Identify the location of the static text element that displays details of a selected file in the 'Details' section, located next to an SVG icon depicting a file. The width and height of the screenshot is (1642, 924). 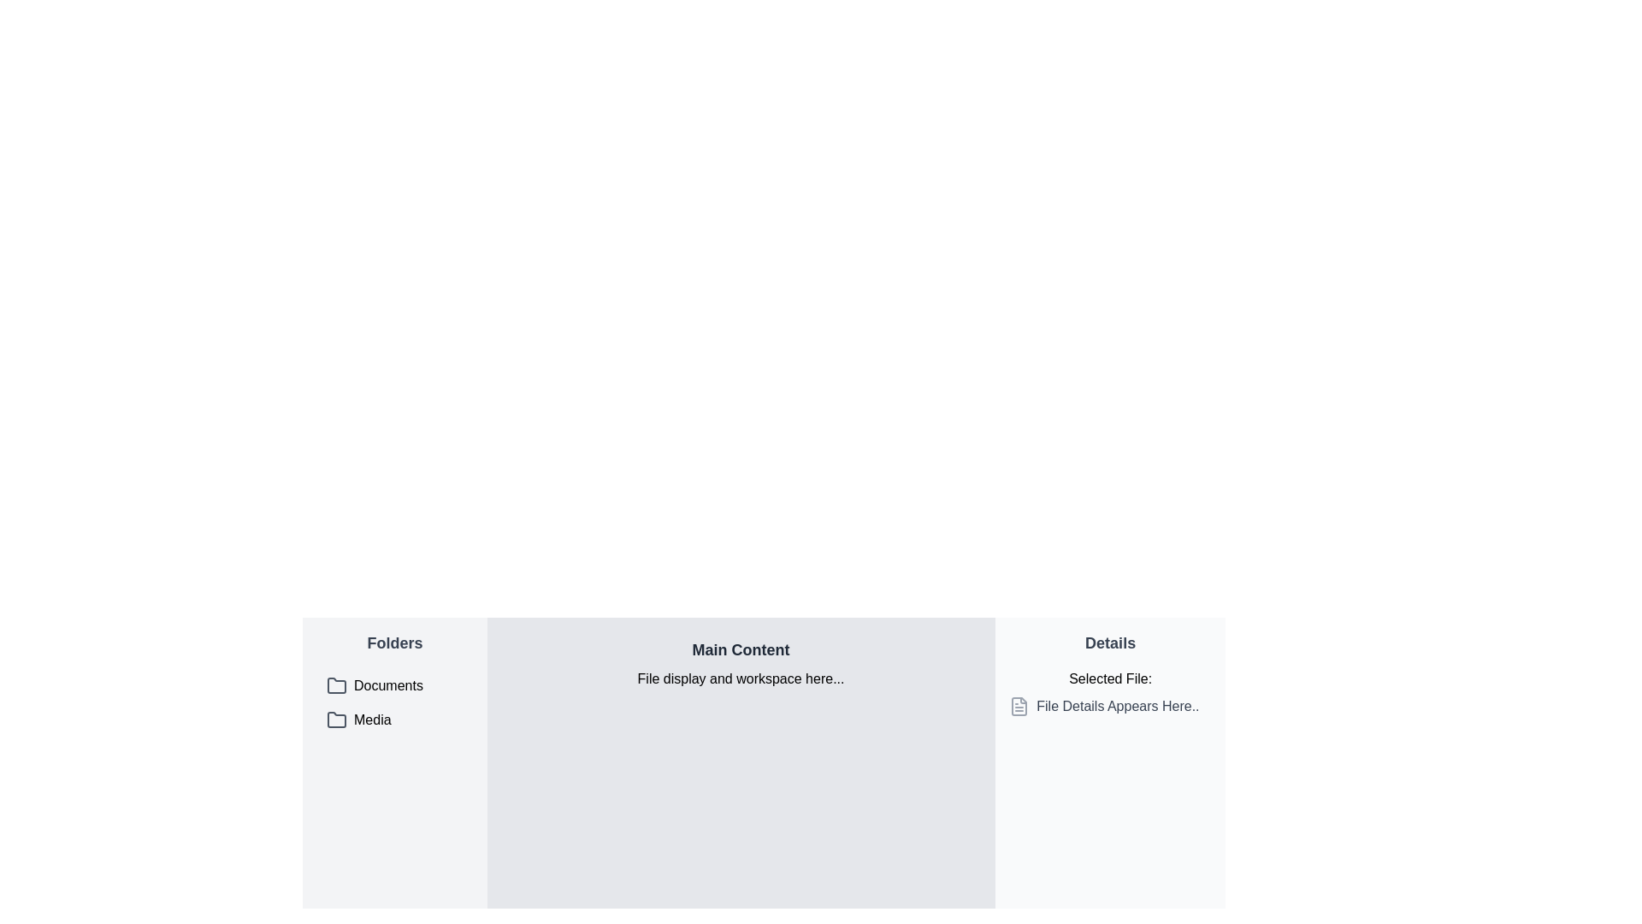
(1118, 706).